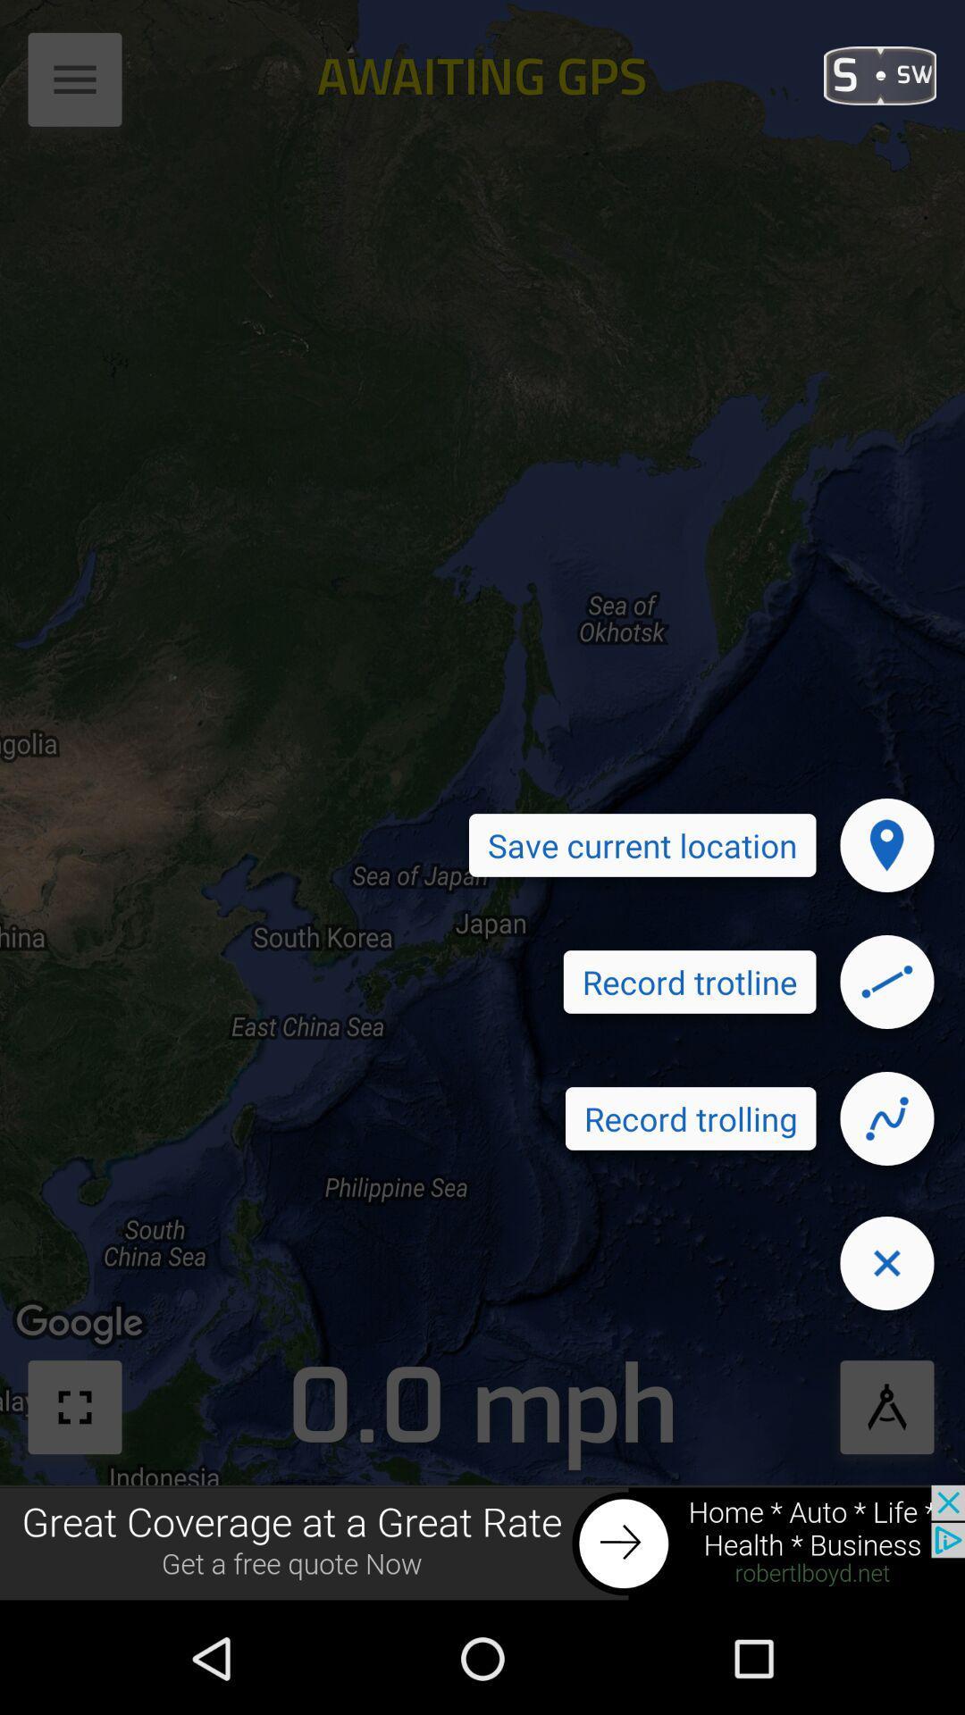 The height and width of the screenshot is (1715, 965). Describe the element at coordinates (82, 1325) in the screenshot. I see `the text which is above the full screen button` at that location.